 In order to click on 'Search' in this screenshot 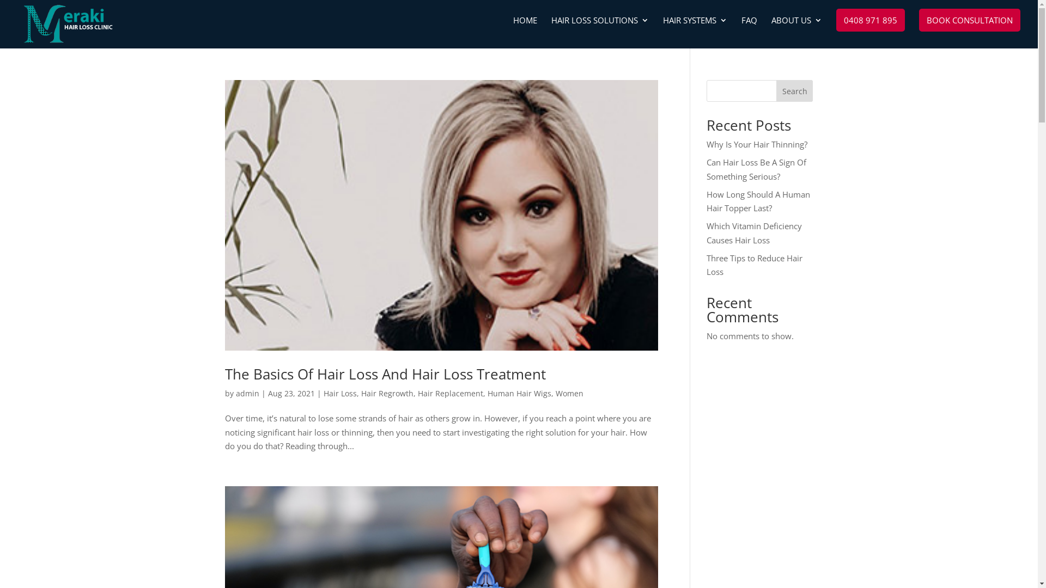, I will do `click(795, 90)`.